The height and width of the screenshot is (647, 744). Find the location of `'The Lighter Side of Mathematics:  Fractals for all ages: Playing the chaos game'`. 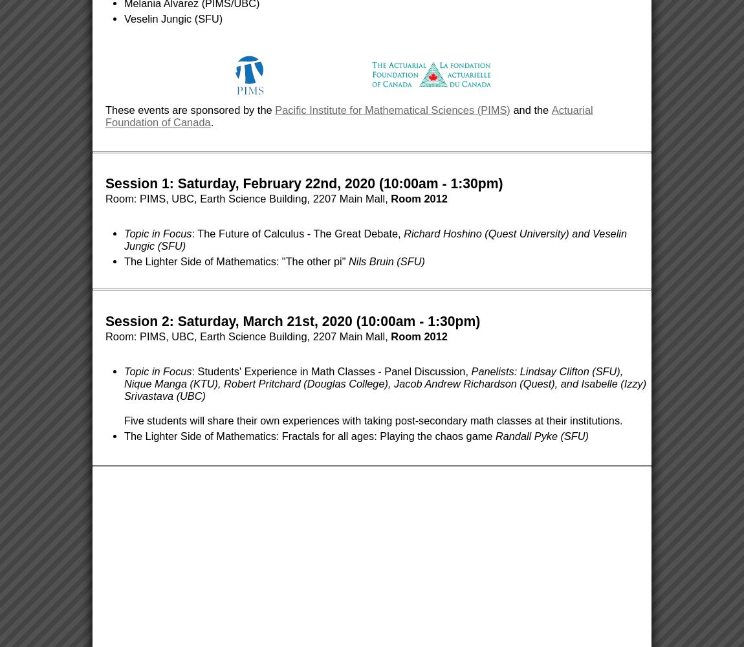

'The Lighter Side of Mathematics:  Fractals for all ages: Playing the chaos game' is located at coordinates (309, 435).